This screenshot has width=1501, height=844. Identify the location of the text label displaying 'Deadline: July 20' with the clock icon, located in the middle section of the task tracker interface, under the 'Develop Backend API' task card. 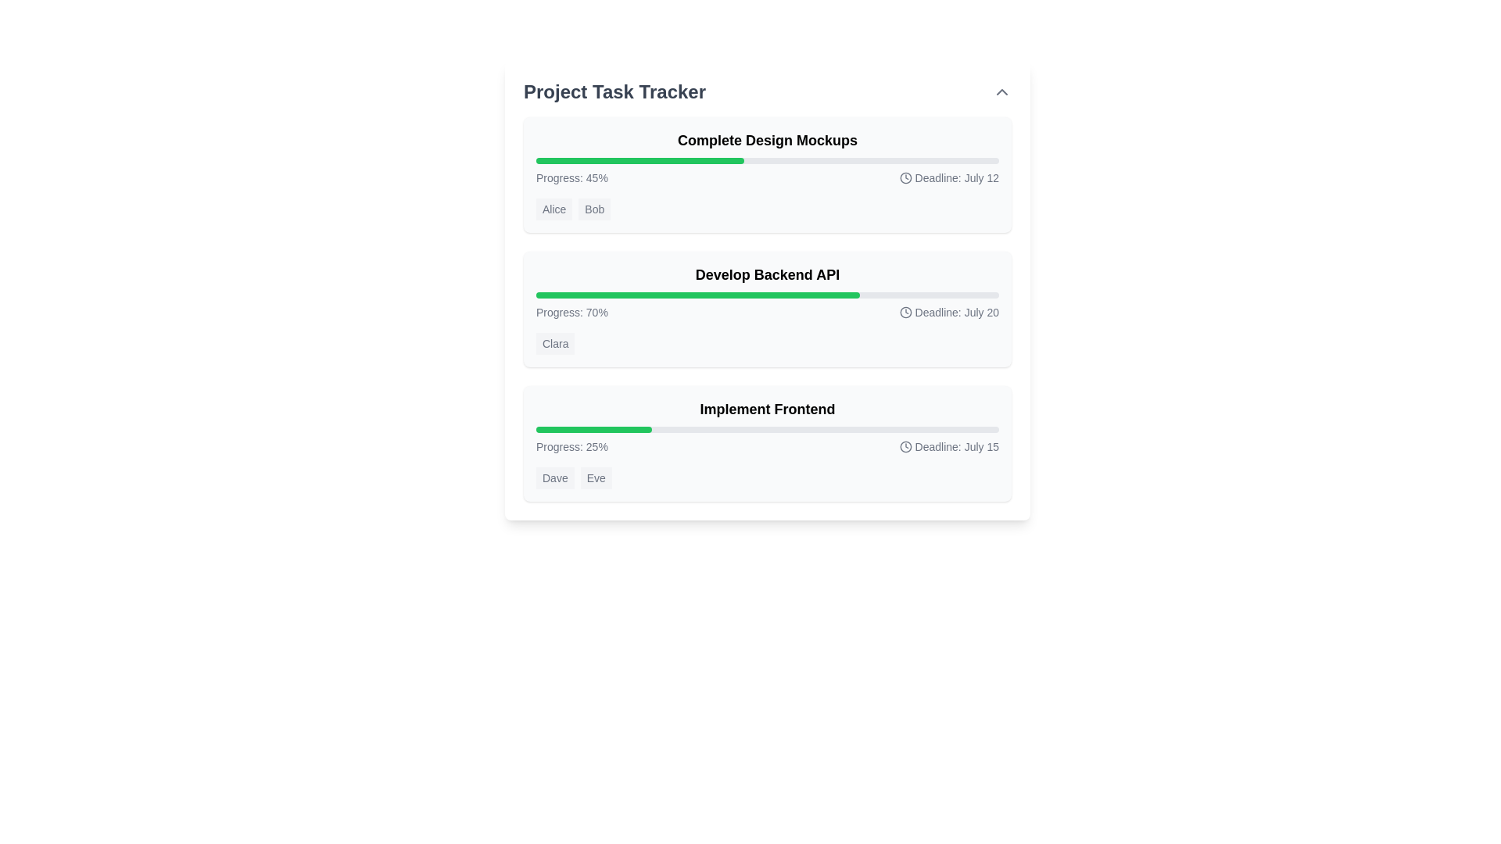
(948, 313).